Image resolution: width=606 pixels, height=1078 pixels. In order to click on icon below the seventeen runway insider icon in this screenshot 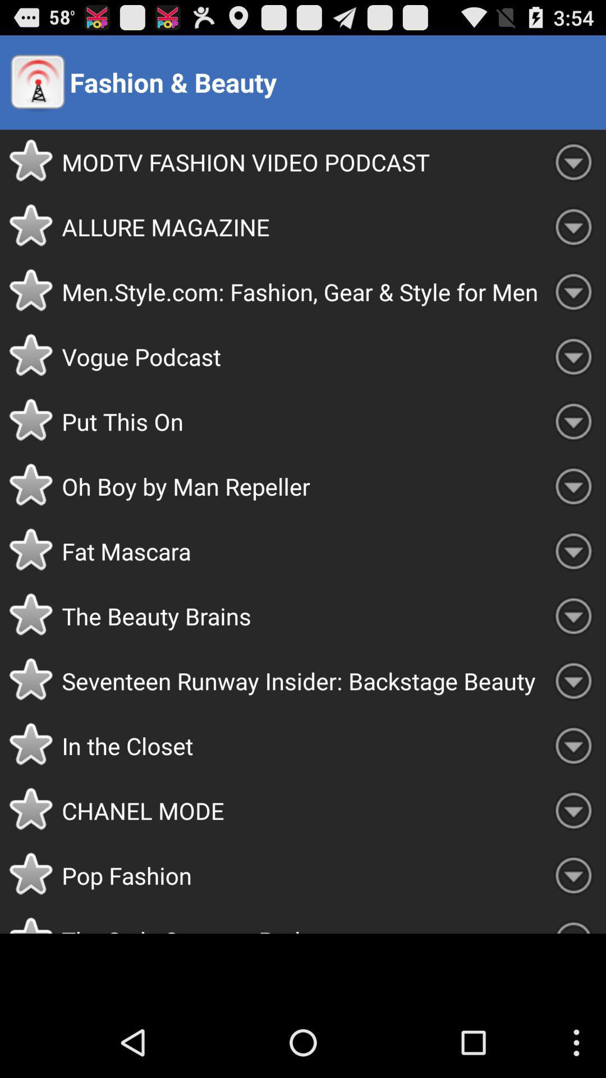, I will do `click(301, 746)`.